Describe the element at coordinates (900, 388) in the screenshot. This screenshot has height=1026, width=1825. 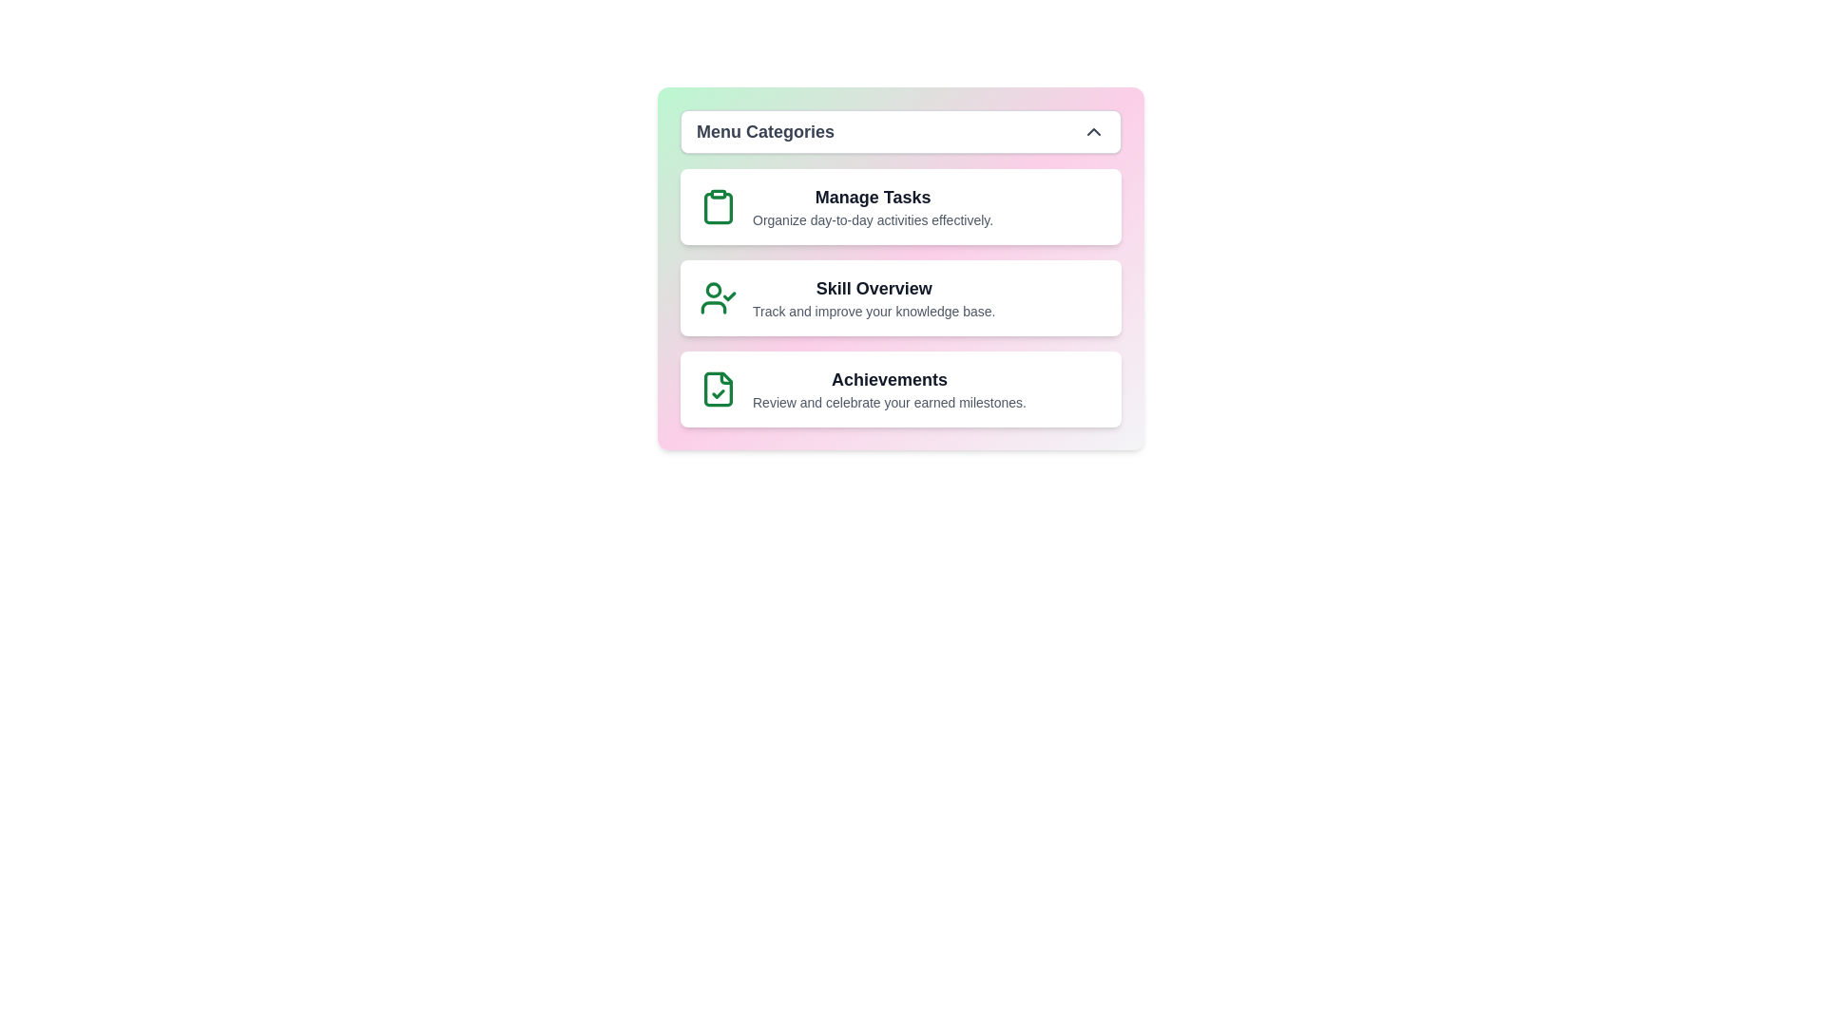
I see `the category card for Achievements` at that location.